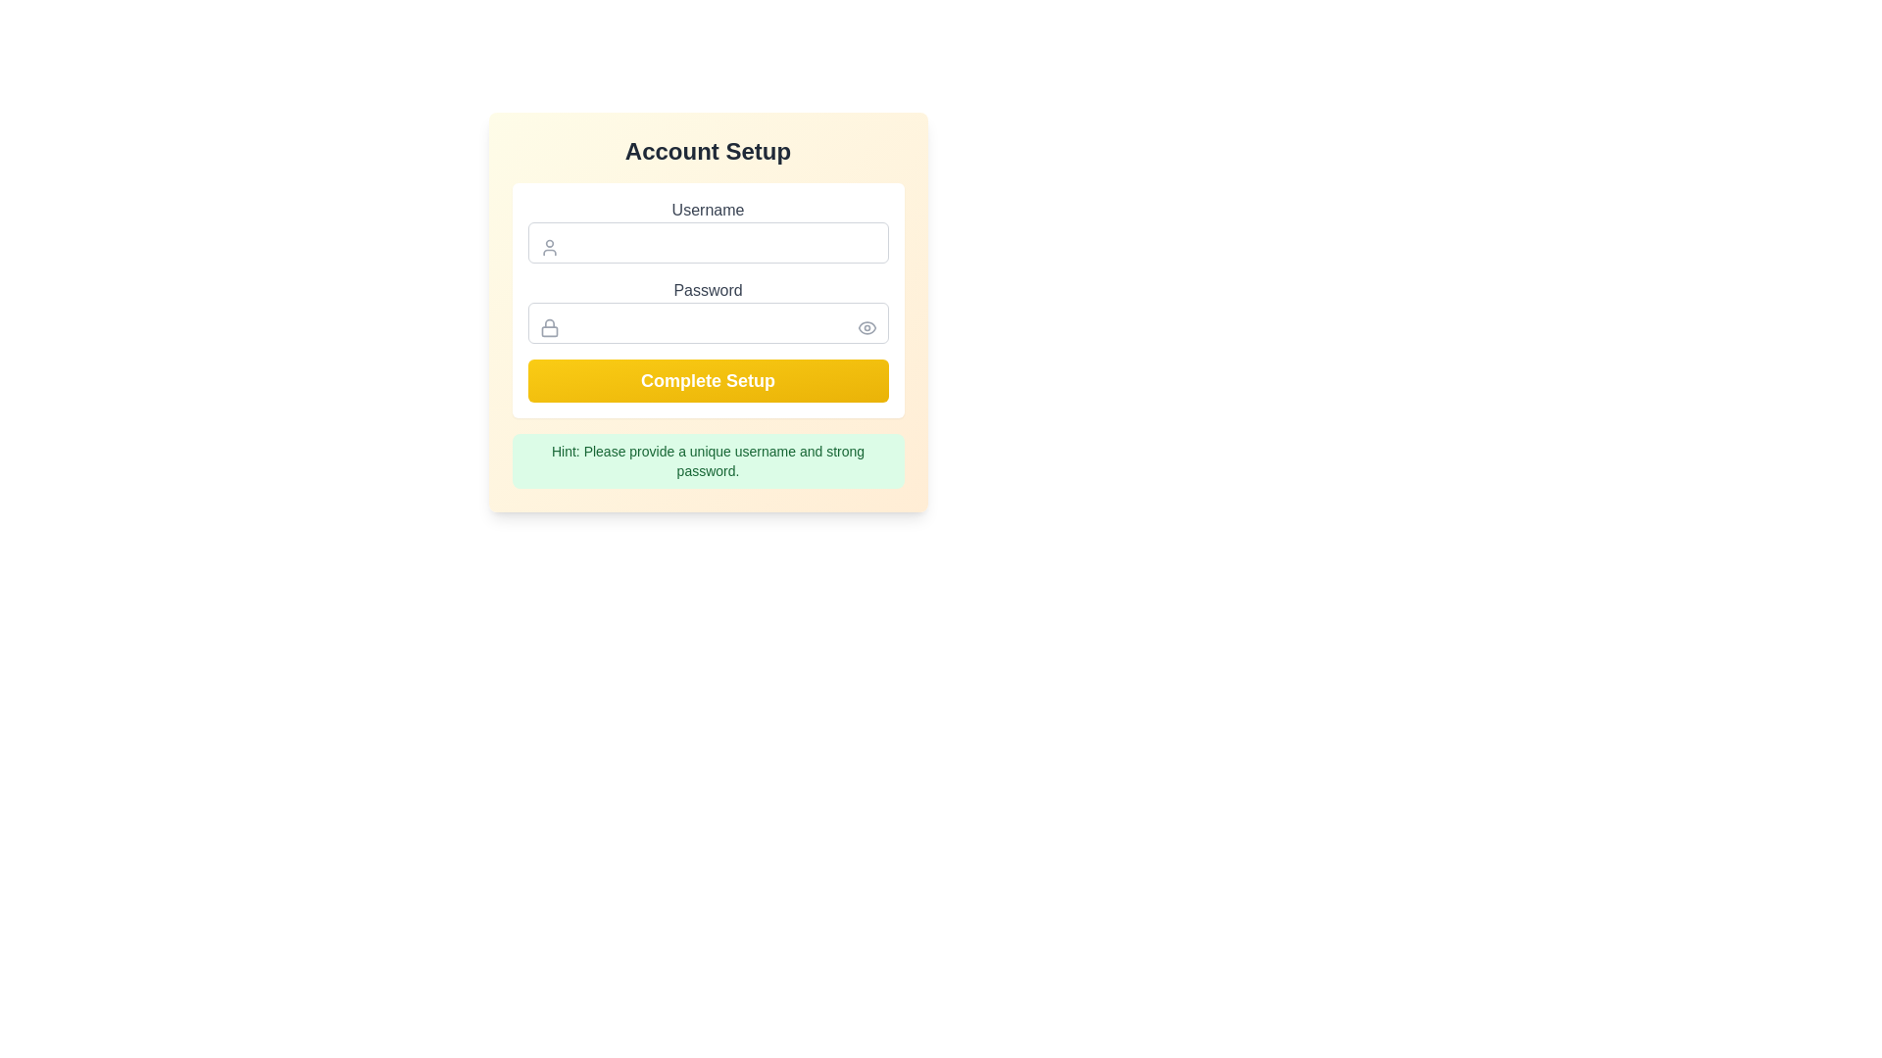 This screenshot has height=1058, width=1882. I want to click on the 'Complete Setup' button, which has a gradient background from yellow to orange and bold white text, so click(707, 381).